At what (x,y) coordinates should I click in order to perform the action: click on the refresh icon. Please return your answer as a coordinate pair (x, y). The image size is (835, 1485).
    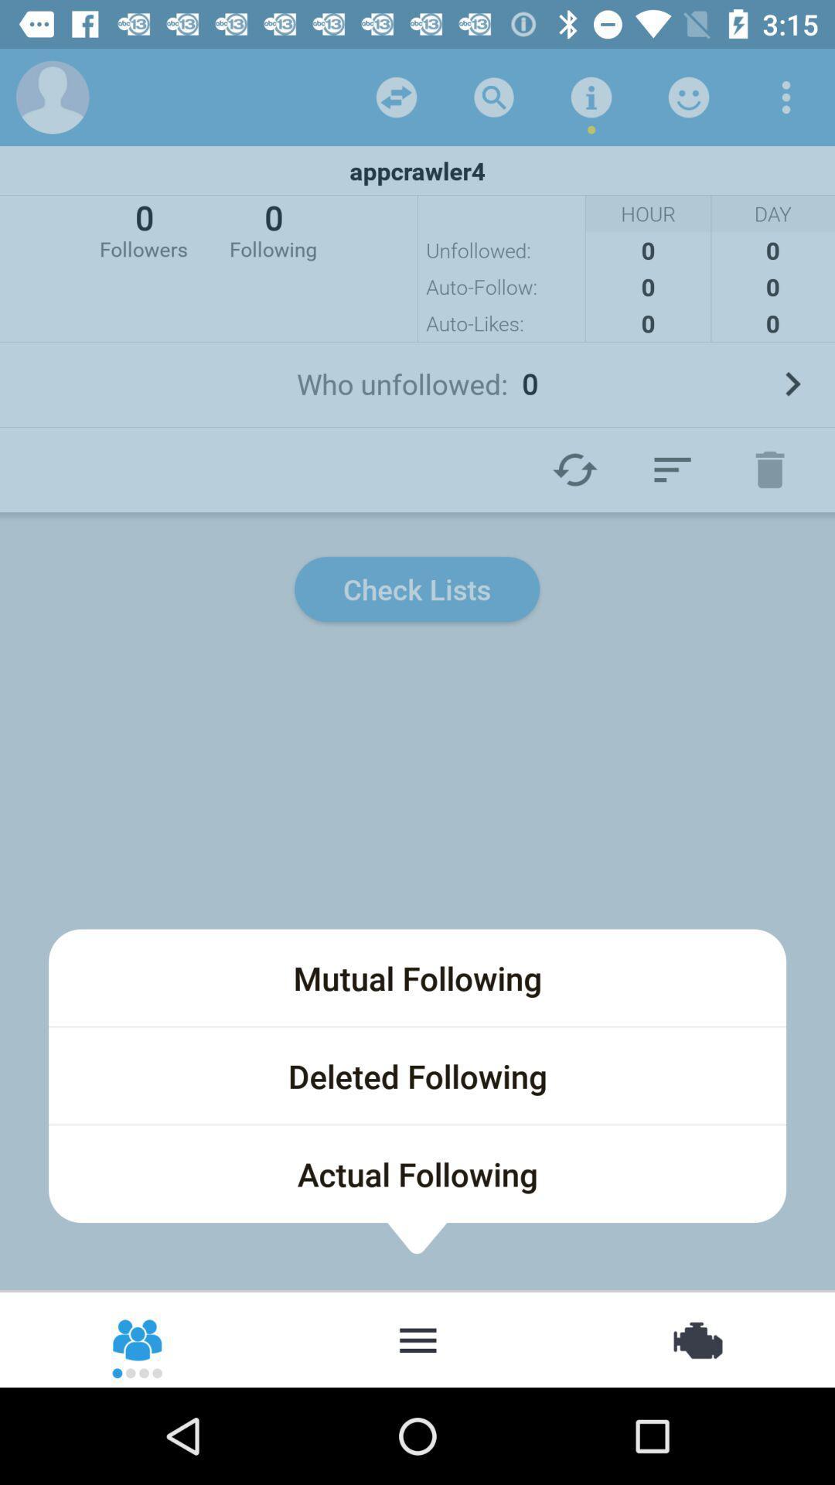
    Looking at the image, I should click on (575, 469).